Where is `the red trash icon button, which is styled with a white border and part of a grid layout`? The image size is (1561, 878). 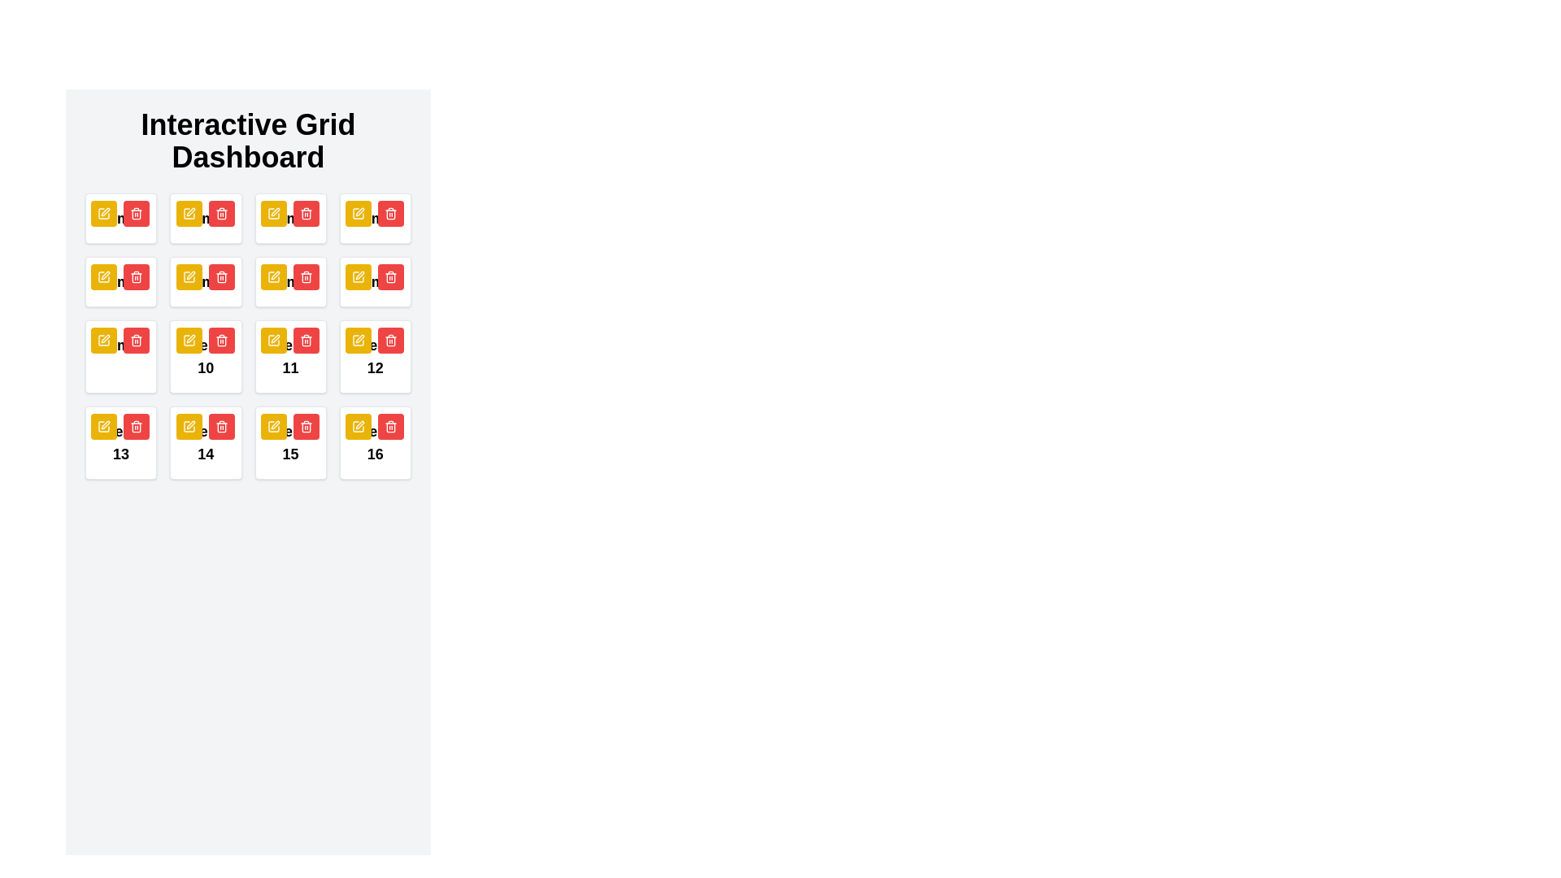 the red trash icon button, which is styled with a white border and part of a grid layout is located at coordinates (220, 425).